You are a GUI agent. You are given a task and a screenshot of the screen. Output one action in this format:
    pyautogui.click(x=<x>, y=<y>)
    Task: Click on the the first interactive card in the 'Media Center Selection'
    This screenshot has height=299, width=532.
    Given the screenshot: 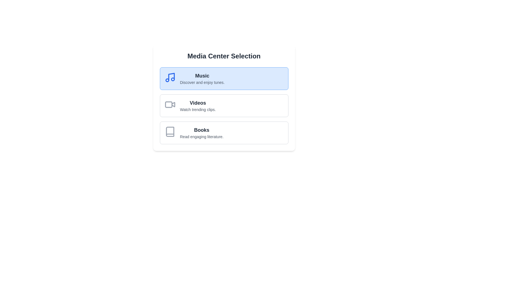 What is the action you would take?
    pyautogui.click(x=224, y=79)
    